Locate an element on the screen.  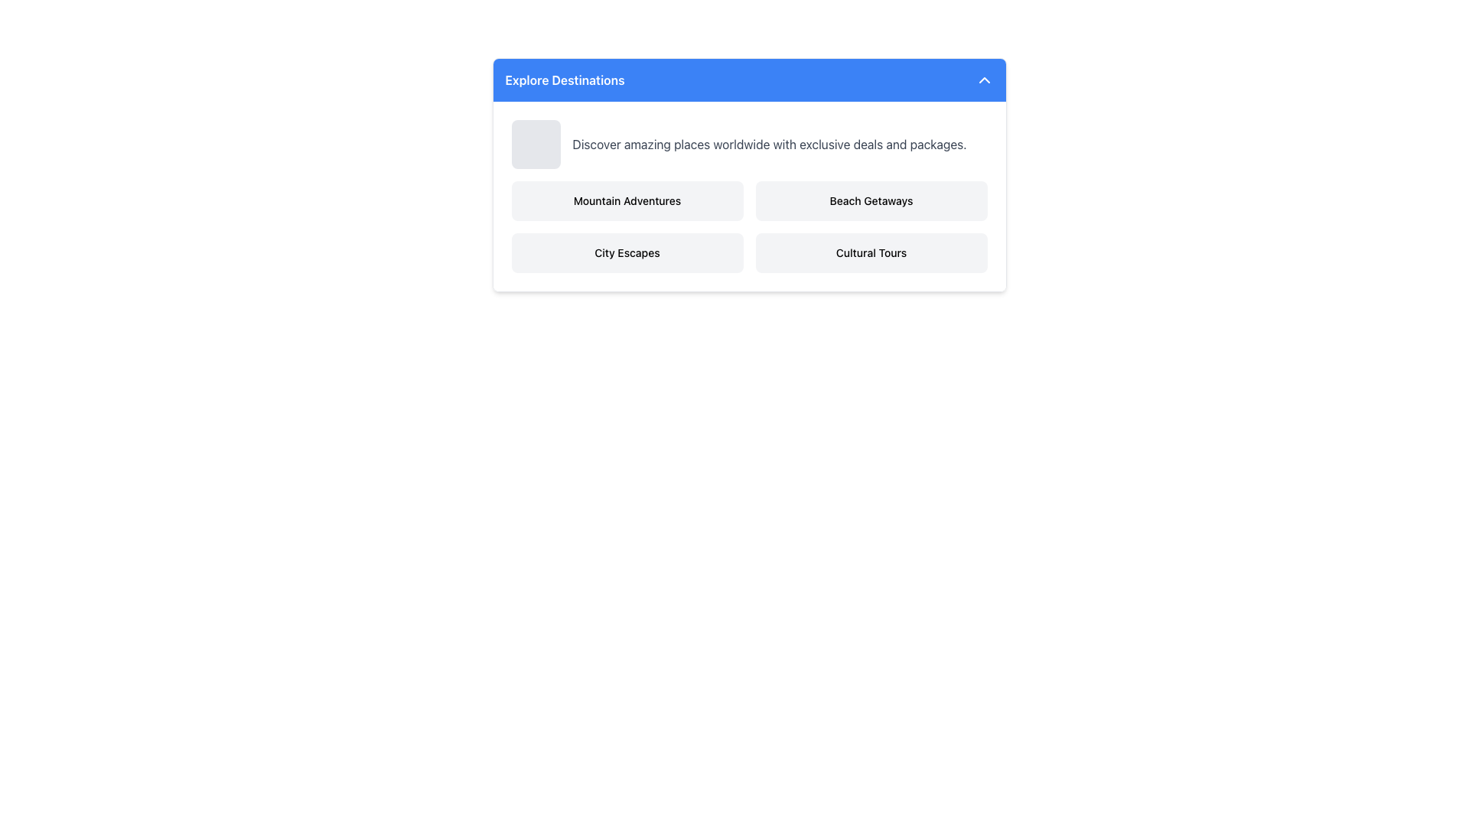
text content of the Text Label that indicates the function or purpose of an interactive section related to exploring destinations is located at coordinates (564, 80).